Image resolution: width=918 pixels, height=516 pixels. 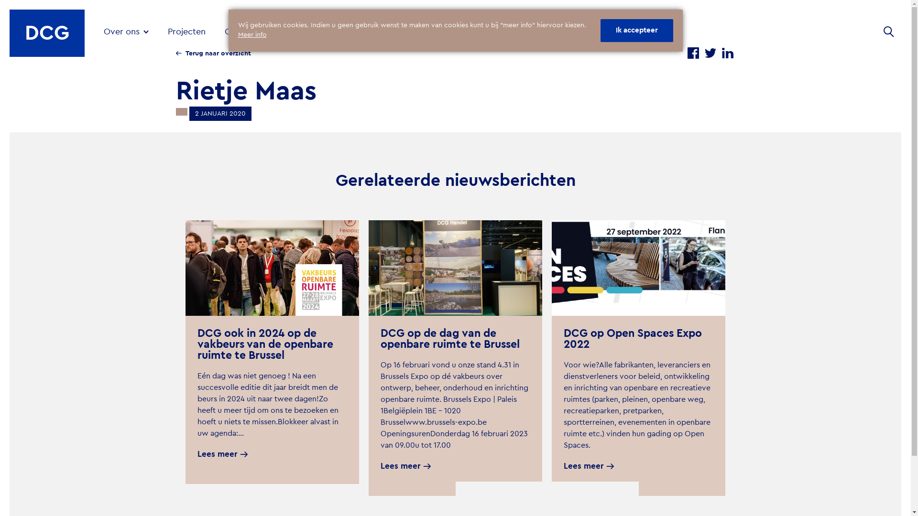 What do you see at coordinates (253, 31) in the screenshot?
I see `'Oplossingen'` at bounding box center [253, 31].